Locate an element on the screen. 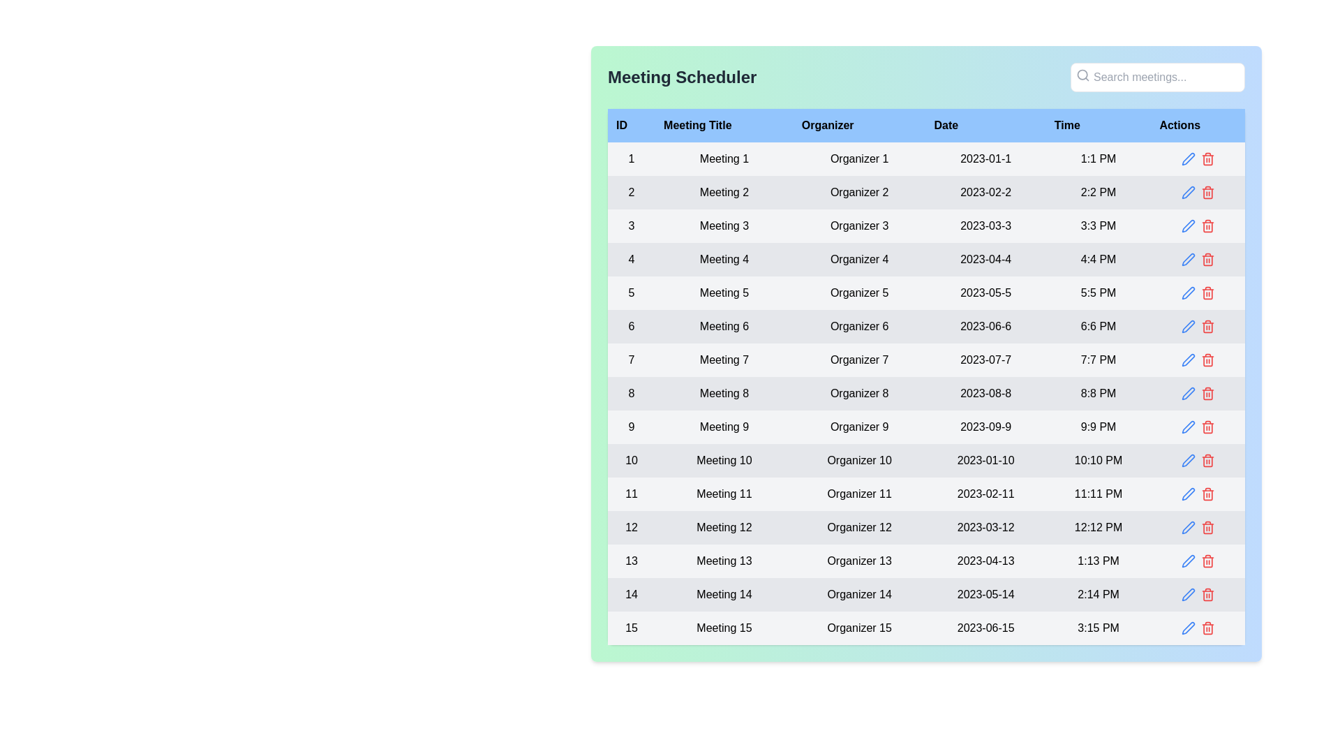  the text content displaying the numeral '1' in the first column of the first row under the 'ID' header in the 'Meeting Scheduler' table is located at coordinates (631, 158).